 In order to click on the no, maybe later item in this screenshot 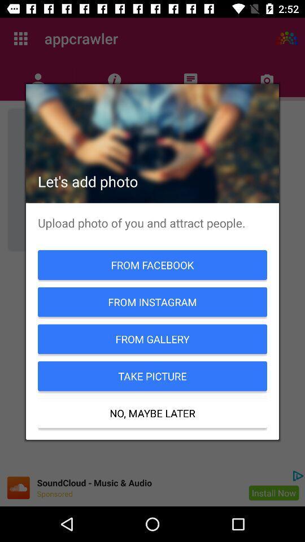, I will do `click(152, 413)`.